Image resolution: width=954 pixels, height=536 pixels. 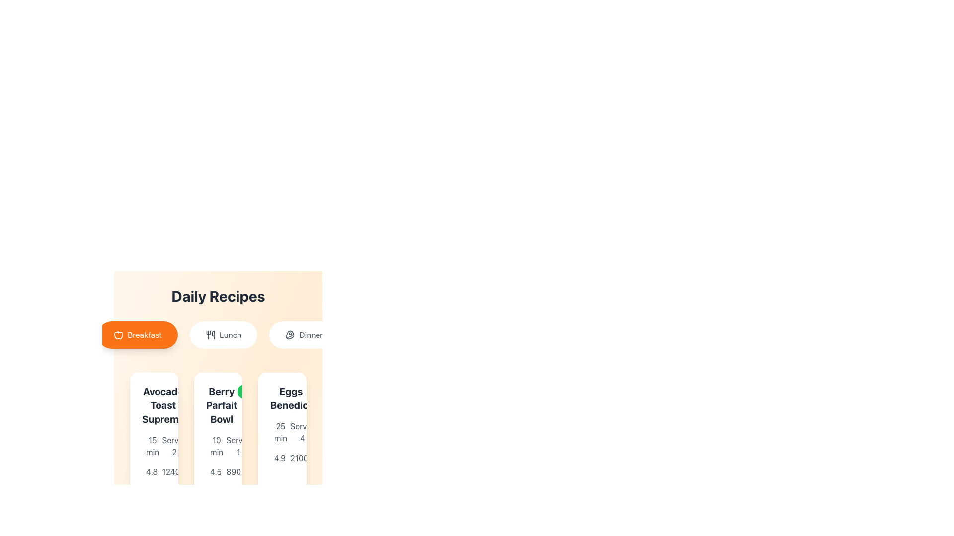 I want to click on the text displaying the serving size information for the dish 'Eggs Benedict', located below the subtitle '25 min' and adjacent to the rating and likes summary, so click(x=290, y=432).